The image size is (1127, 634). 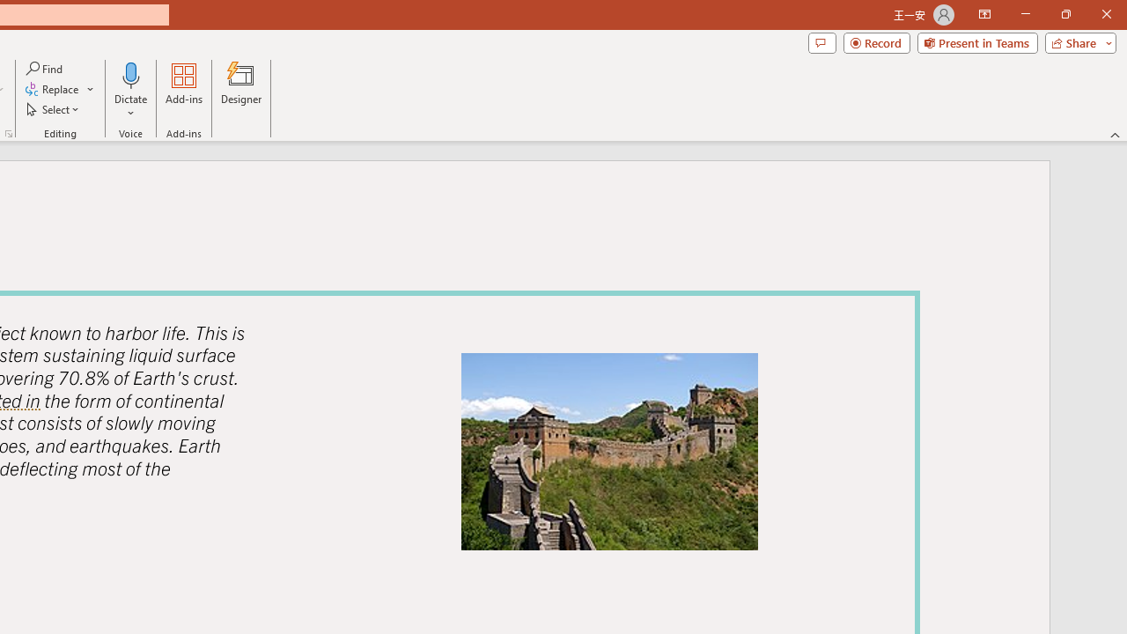 What do you see at coordinates (45, 68) in the screenshot?
I see `'Find...'` at bounding box center [45, 68].